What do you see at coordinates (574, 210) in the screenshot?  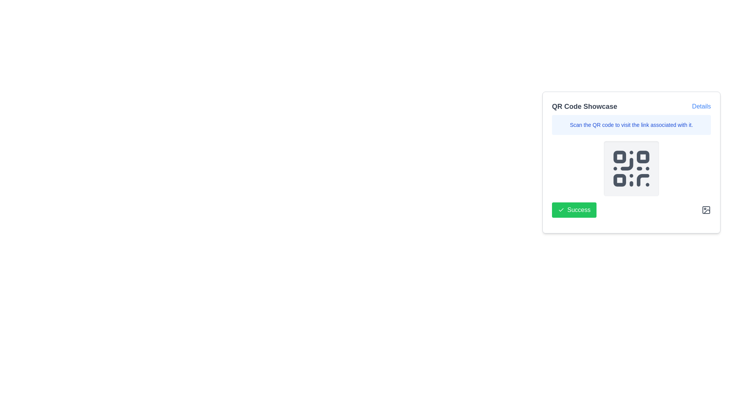 I see `the success confirmation button located at the bottom-left corner of the card, adjacent to the QR code section, to confirm success` at bounding box center [574, 210].